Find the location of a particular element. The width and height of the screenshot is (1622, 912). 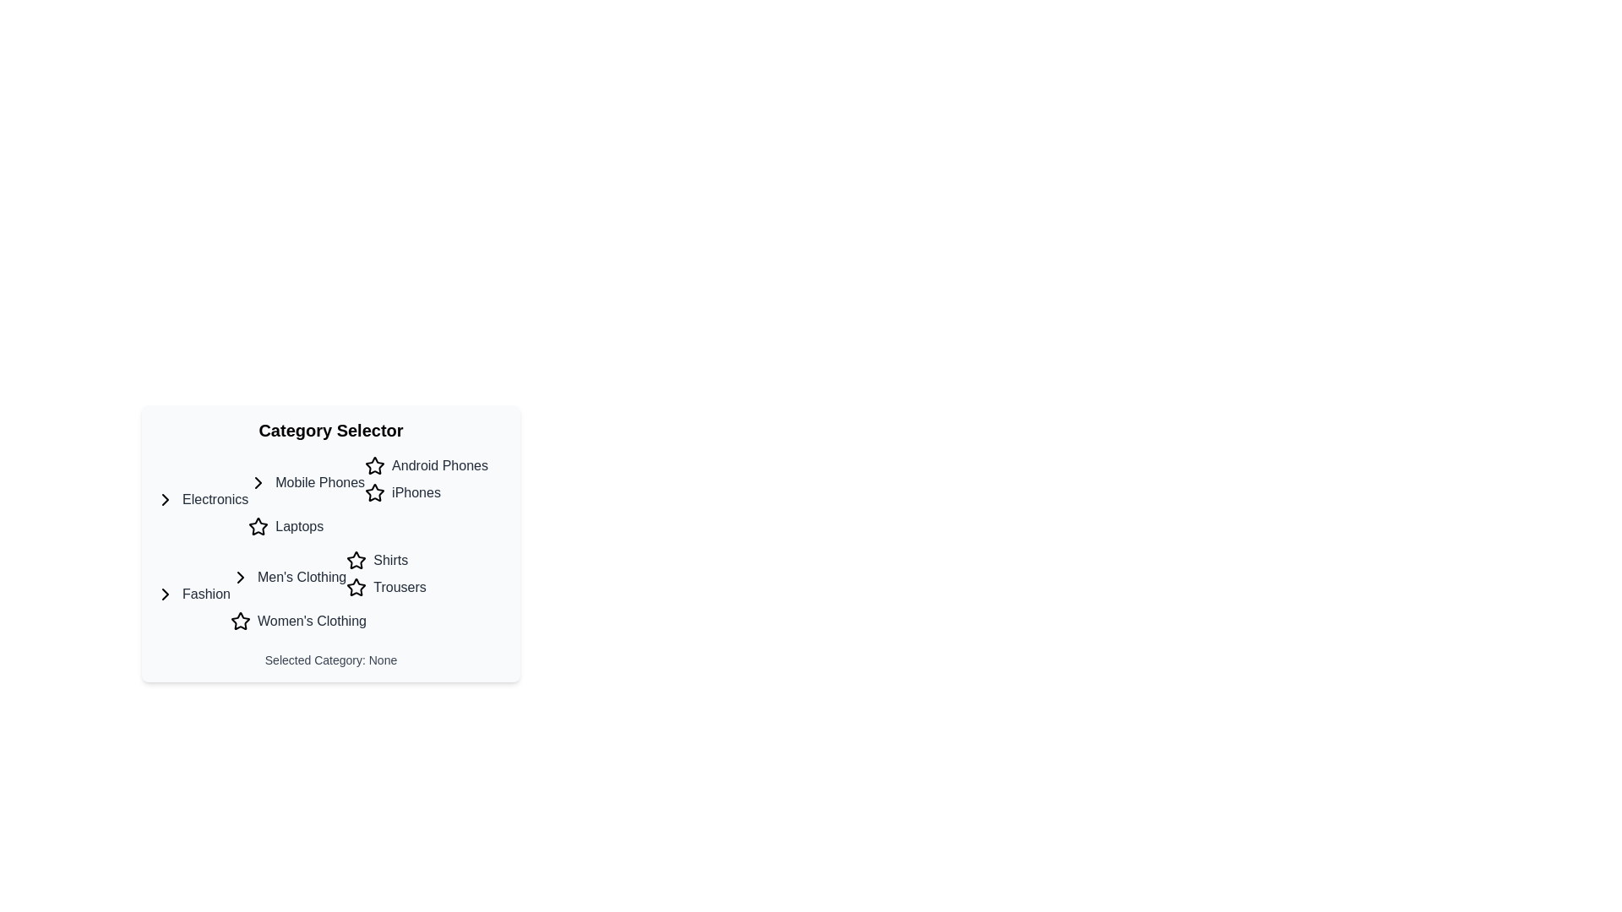

the 'Category Selector' element is located at coordinates (331, 544).